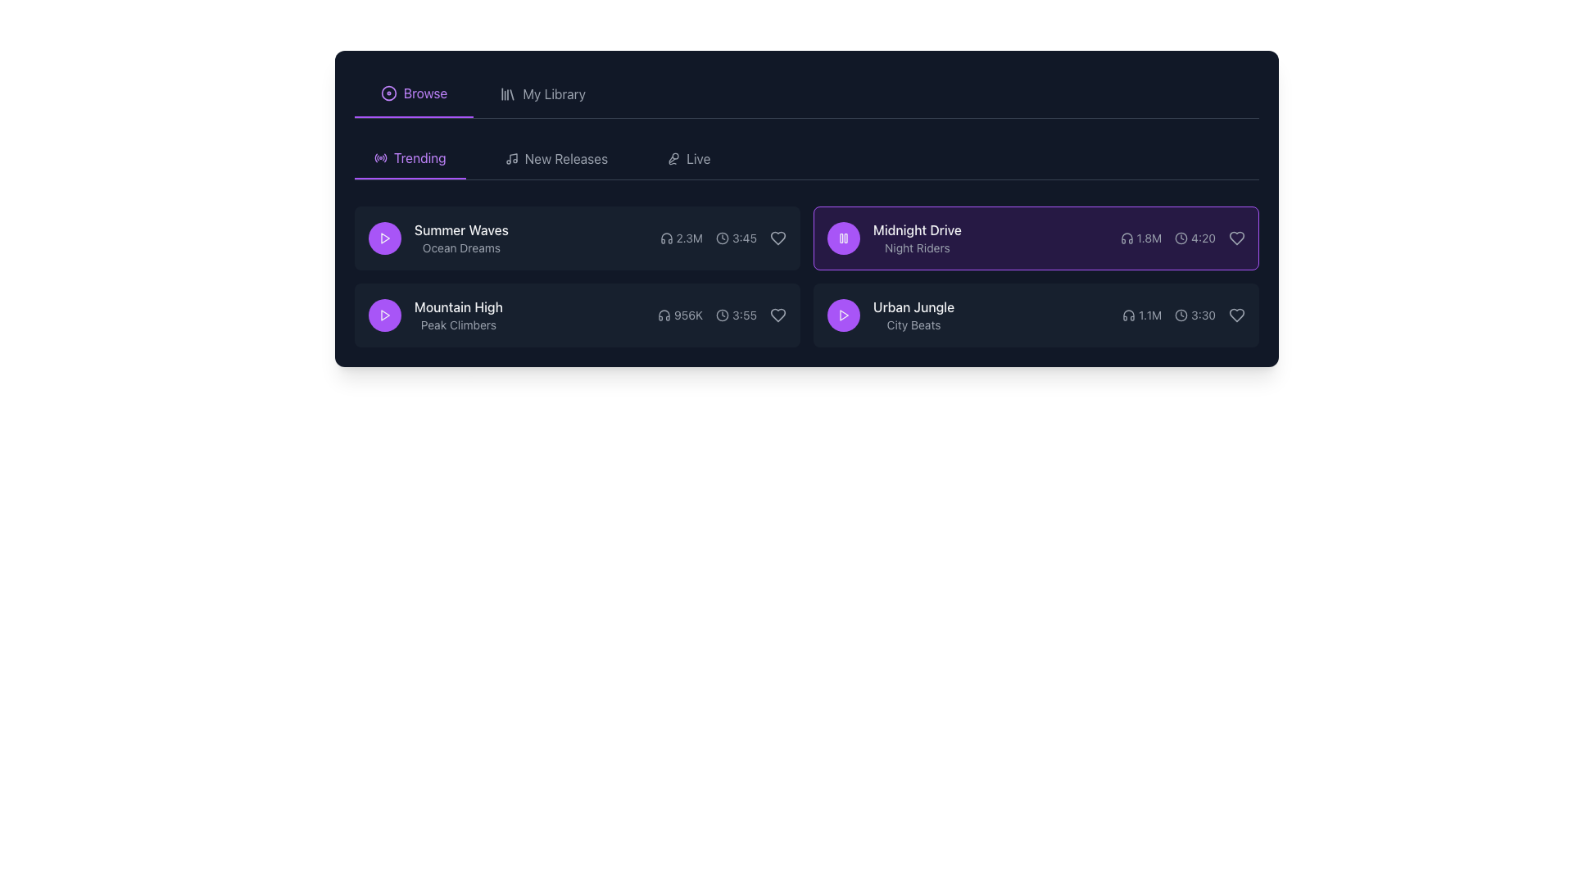 This screenshot has height=885, width=1573. What do you see at coordinates (845, 238) in the screenshot?
I see `the right vertical rectangle of the pause icon, which is part of the SVG graphic element in the user interface` at bounding box center [845, 238].